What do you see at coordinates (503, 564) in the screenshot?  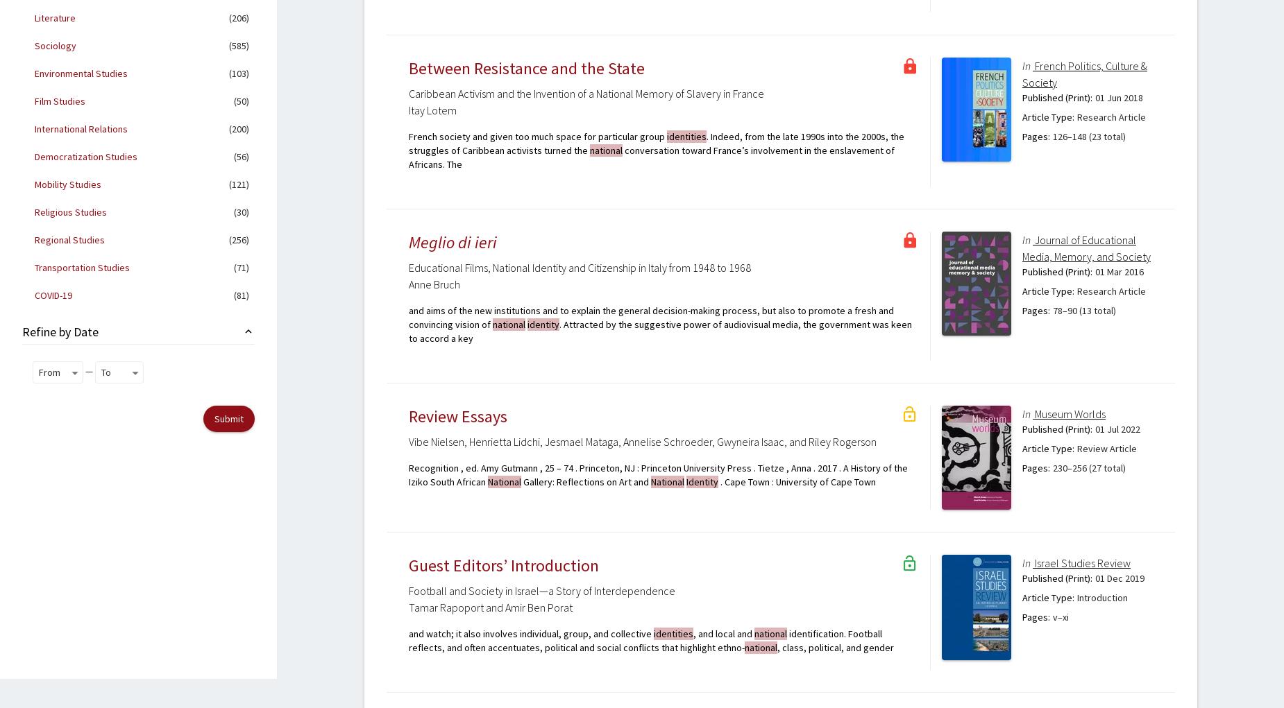 I see `'Guest Editors’ Introduction'` at bounding box center [503, 564].